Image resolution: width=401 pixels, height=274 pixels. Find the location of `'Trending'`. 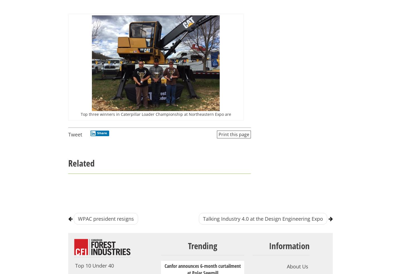

'Trending' is located at coordinates (202, 246).